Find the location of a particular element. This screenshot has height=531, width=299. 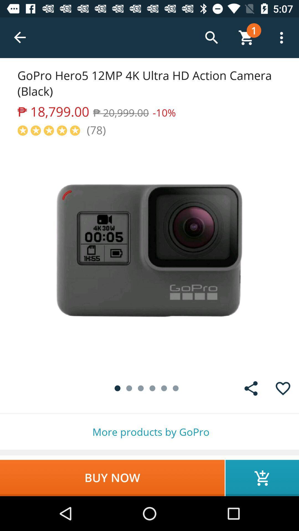

the favorite icon is located at coordinates (283, 388).